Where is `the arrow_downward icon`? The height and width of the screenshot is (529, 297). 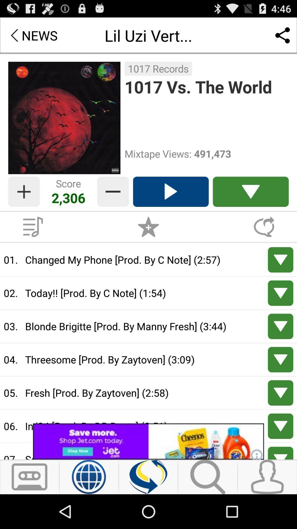 the arrow_downward icon is located at coordinates (251, 205).